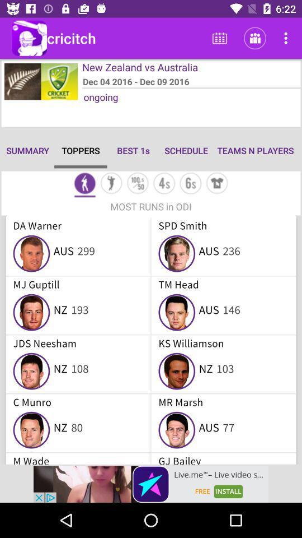  What do you see at coordinates (190, 184) in the screenshot?
I see `change category` at bounding box center [190, 184].